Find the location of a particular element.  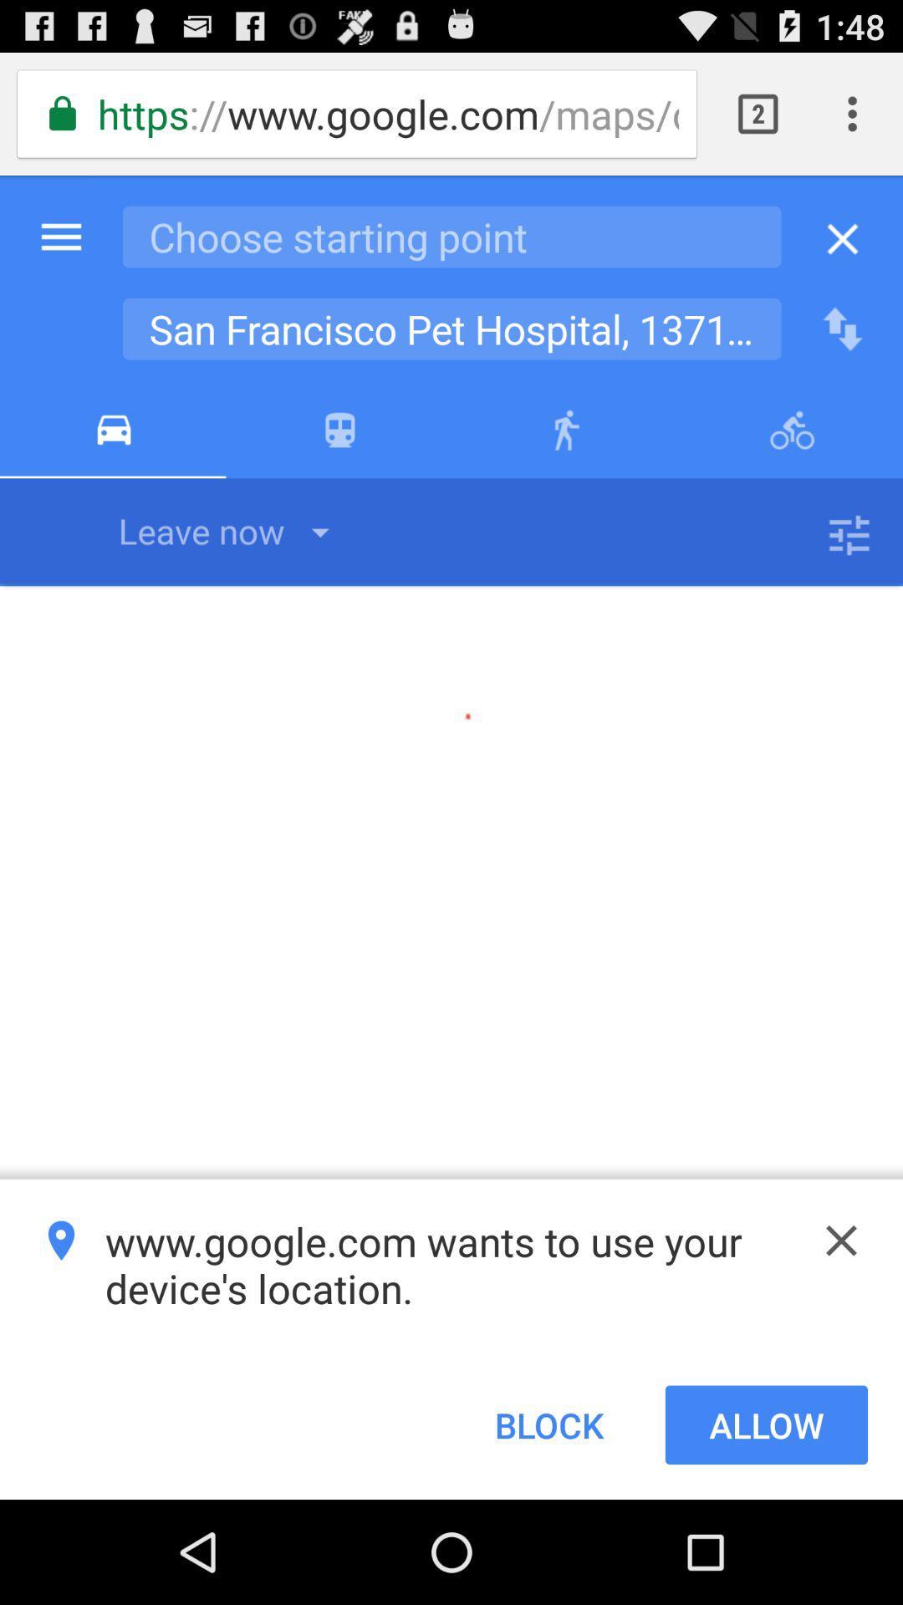

the close icon is located at coordinates (841, 1327).